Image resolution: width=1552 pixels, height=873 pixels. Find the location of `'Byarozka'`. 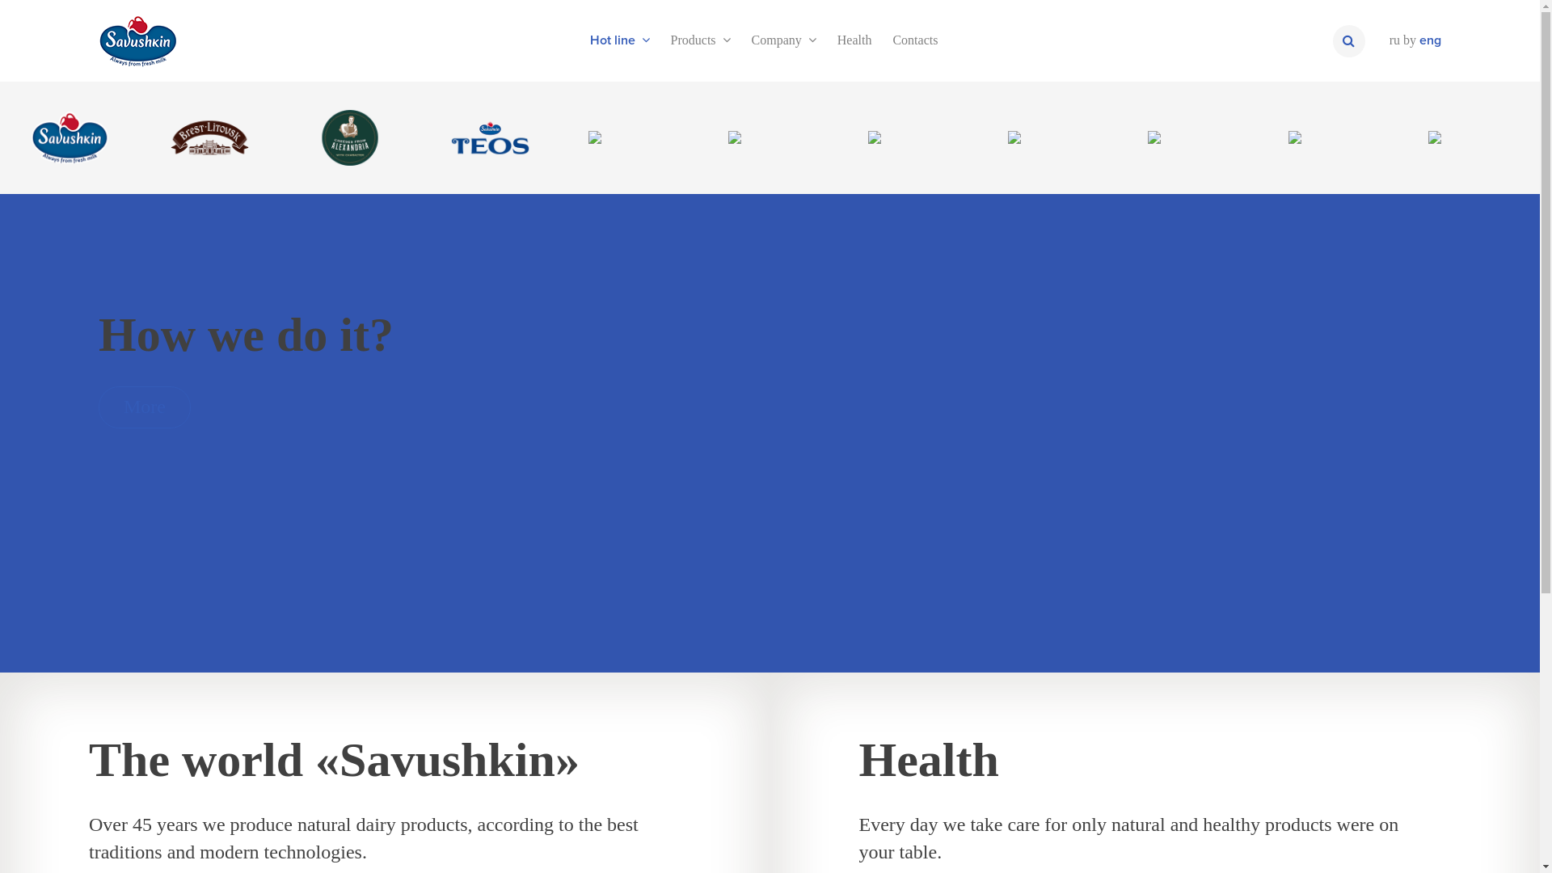

'Byarozka' is located at coordinates (629, 137).